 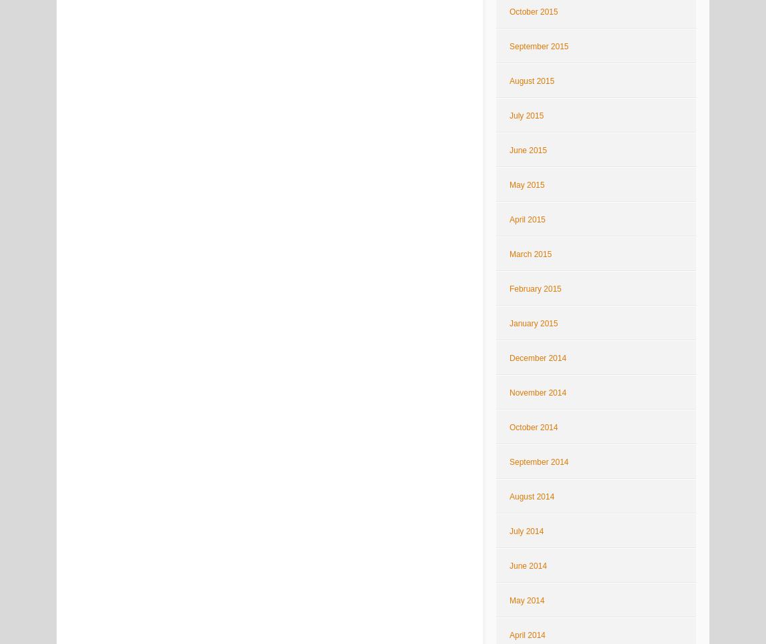 What do you see at coordinates (508, 11) in the screenshot?
I see `'October 2015'` at bounding box center [508, 11].